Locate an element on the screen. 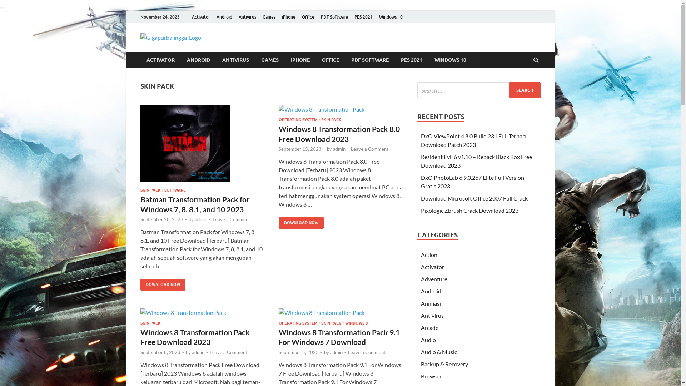 The height and width of the screenshot is (386, 686). 'Android' is located at coordinates (224, 16).